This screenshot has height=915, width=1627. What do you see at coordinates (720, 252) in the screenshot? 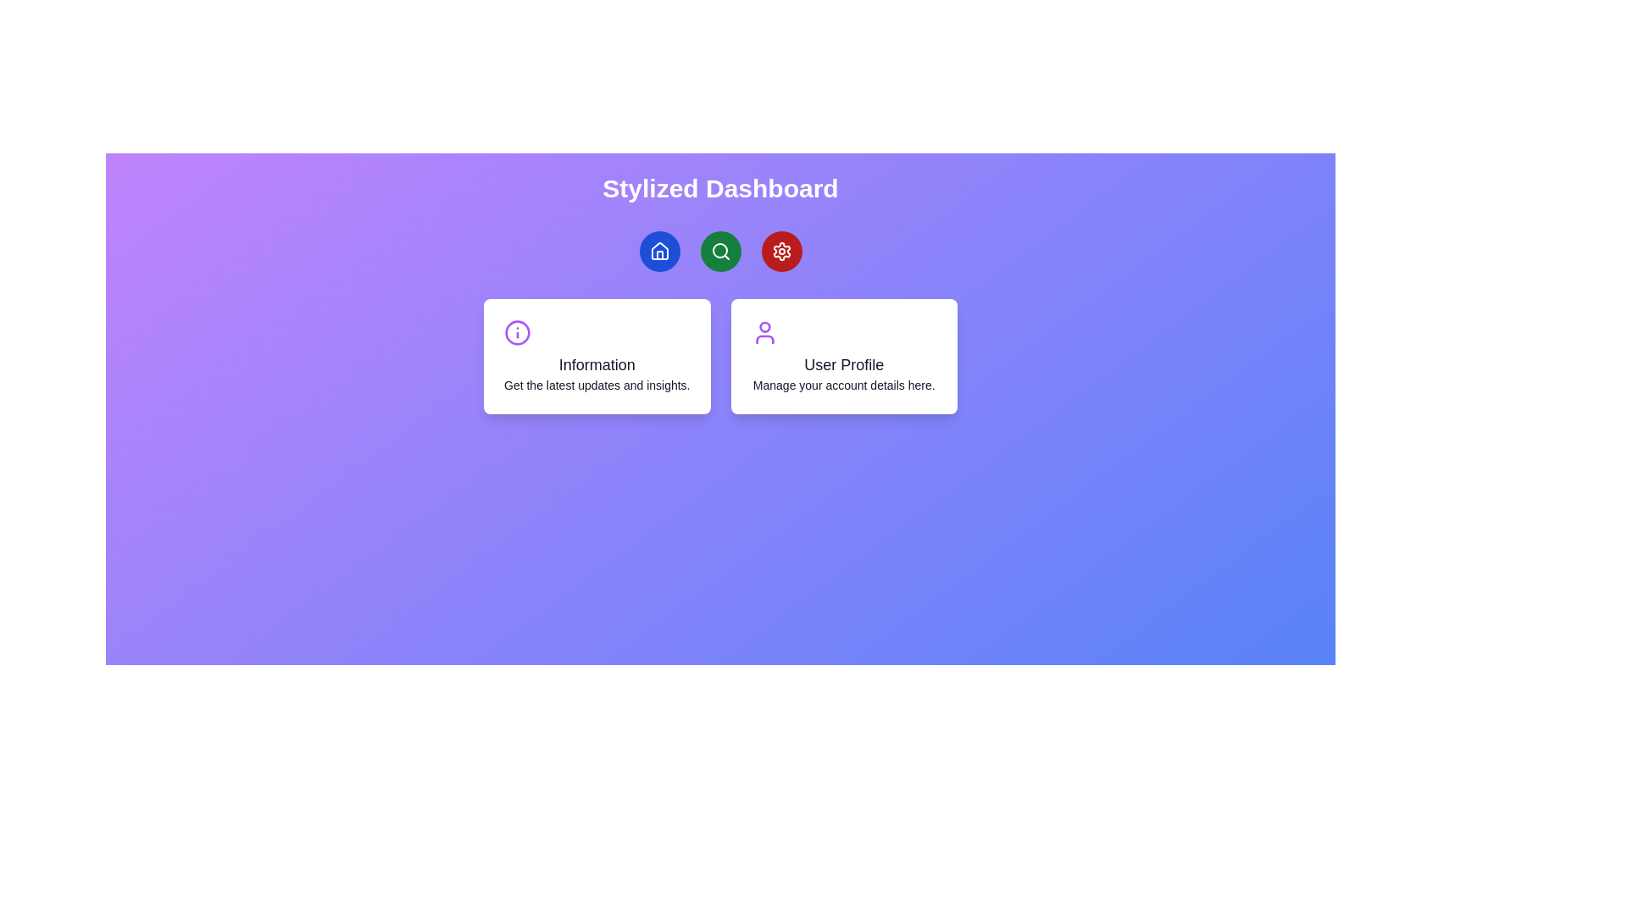
I see `the magnifying glass icon button, which is white and housed within a circular green button, to initiate the search functionality` at bounding box center [720, 252].